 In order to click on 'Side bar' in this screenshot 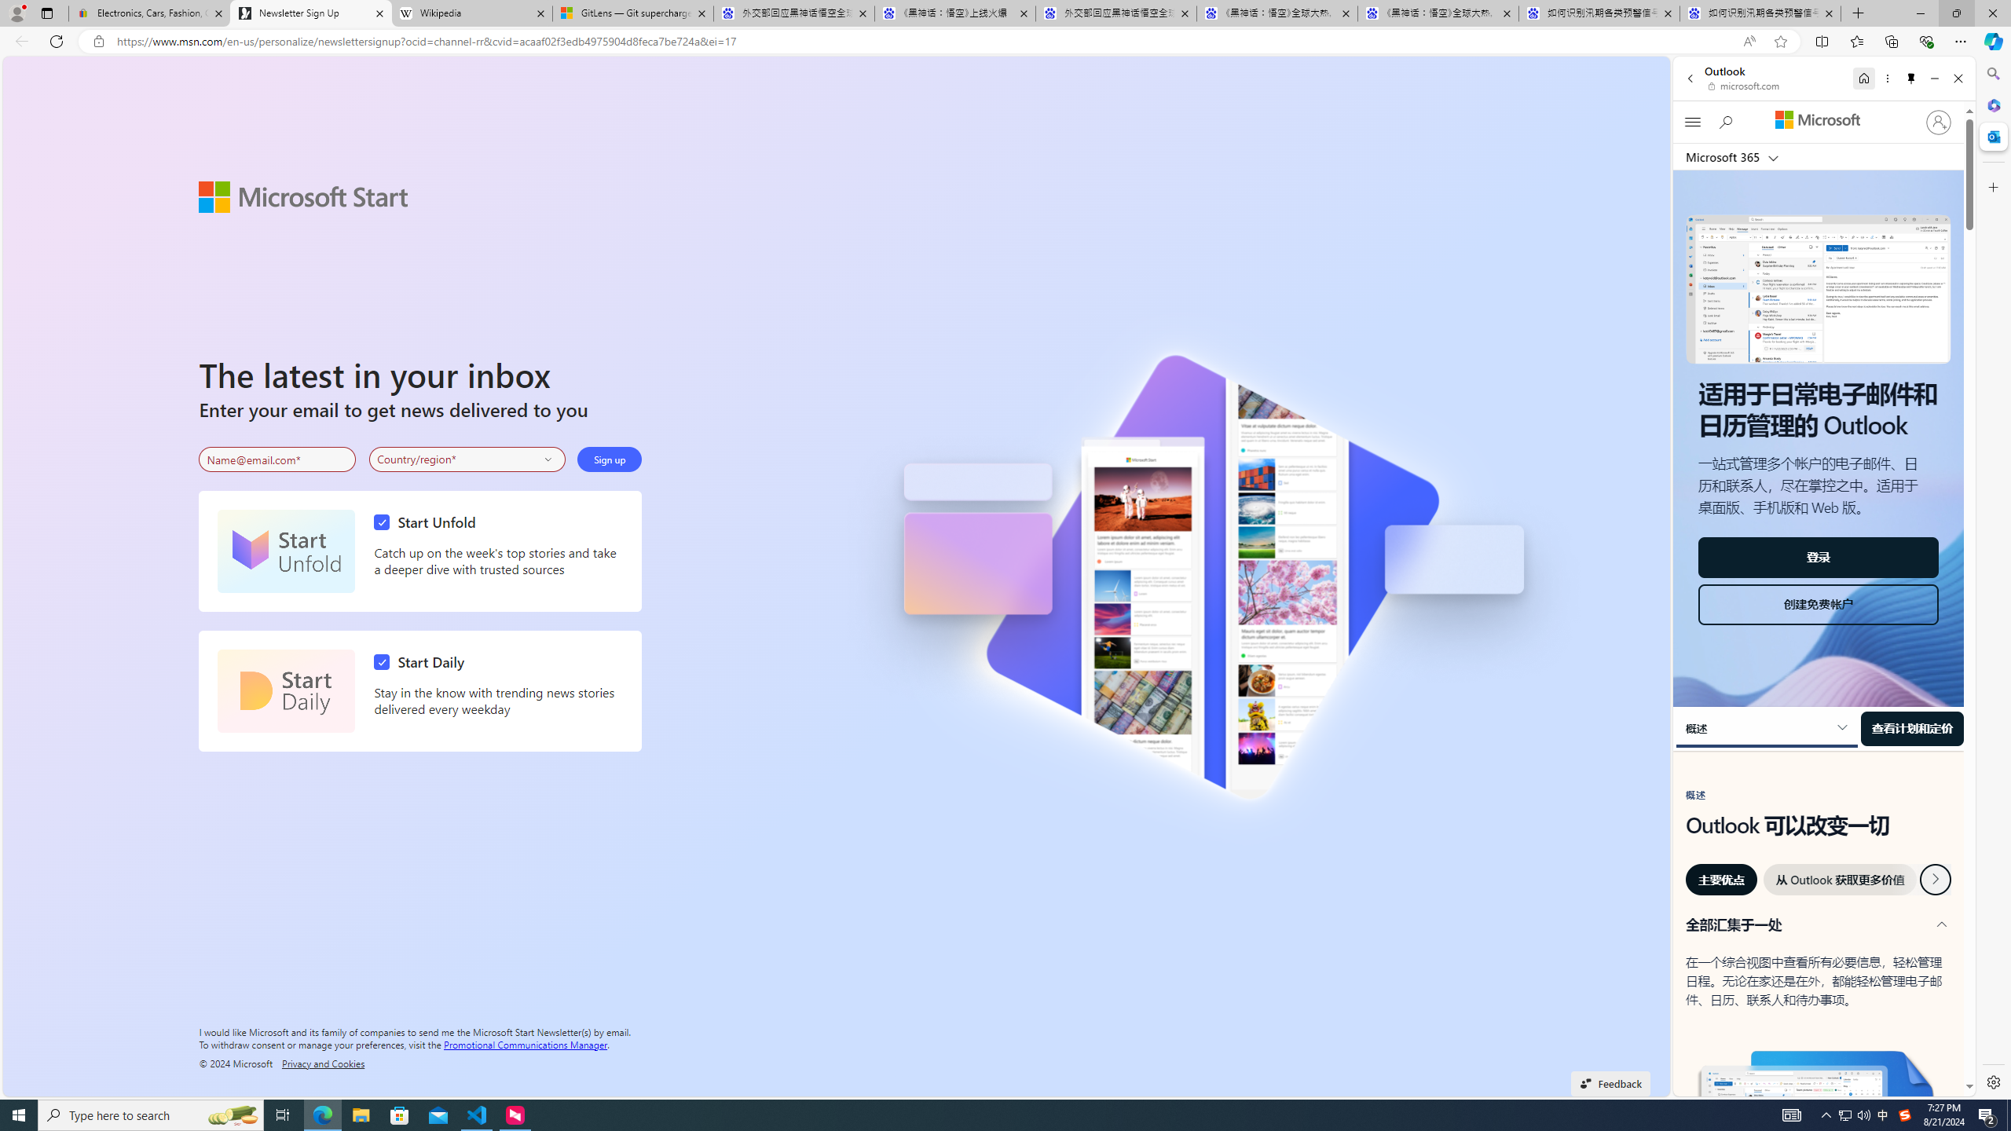, I will do `click(1993, 577)`.